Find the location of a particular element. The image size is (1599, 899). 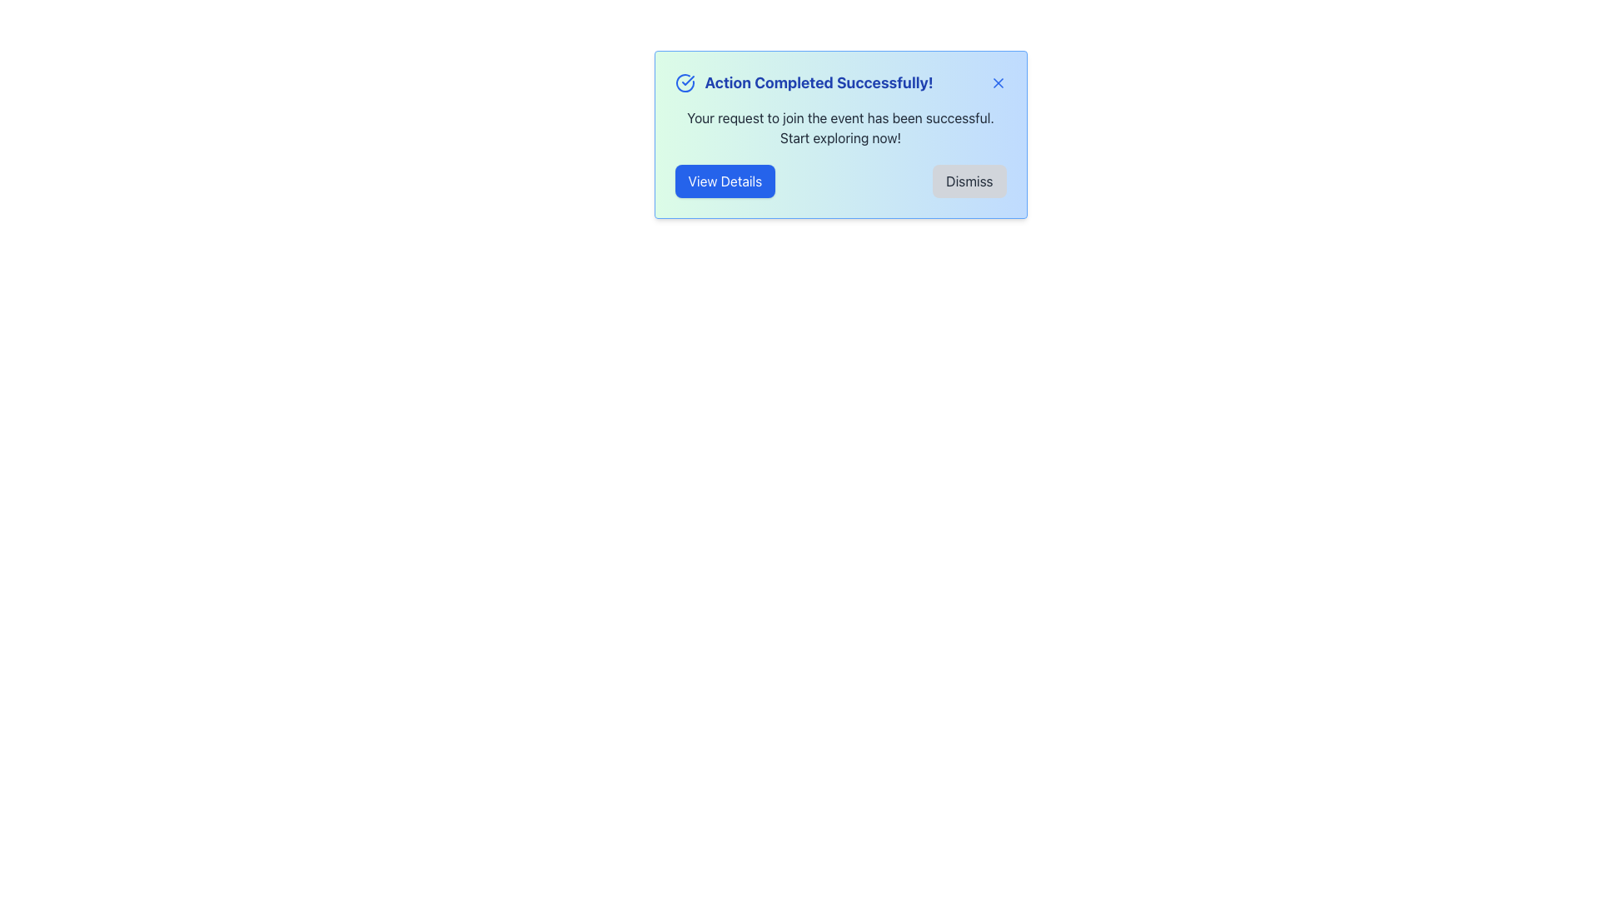

the 'X' button located at the top-right of the 'Action Completed Successfully!' alert box to change its color is located at coordinates (998, 83).